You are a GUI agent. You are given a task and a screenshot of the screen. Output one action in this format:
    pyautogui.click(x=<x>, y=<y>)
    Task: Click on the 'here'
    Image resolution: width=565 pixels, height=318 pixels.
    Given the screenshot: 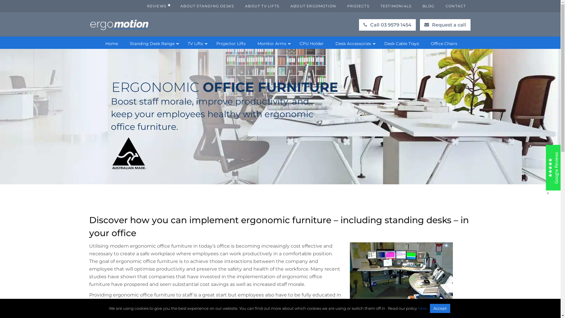 What is the action you would take?
    pyautogui.click(x=422, y=308)
    